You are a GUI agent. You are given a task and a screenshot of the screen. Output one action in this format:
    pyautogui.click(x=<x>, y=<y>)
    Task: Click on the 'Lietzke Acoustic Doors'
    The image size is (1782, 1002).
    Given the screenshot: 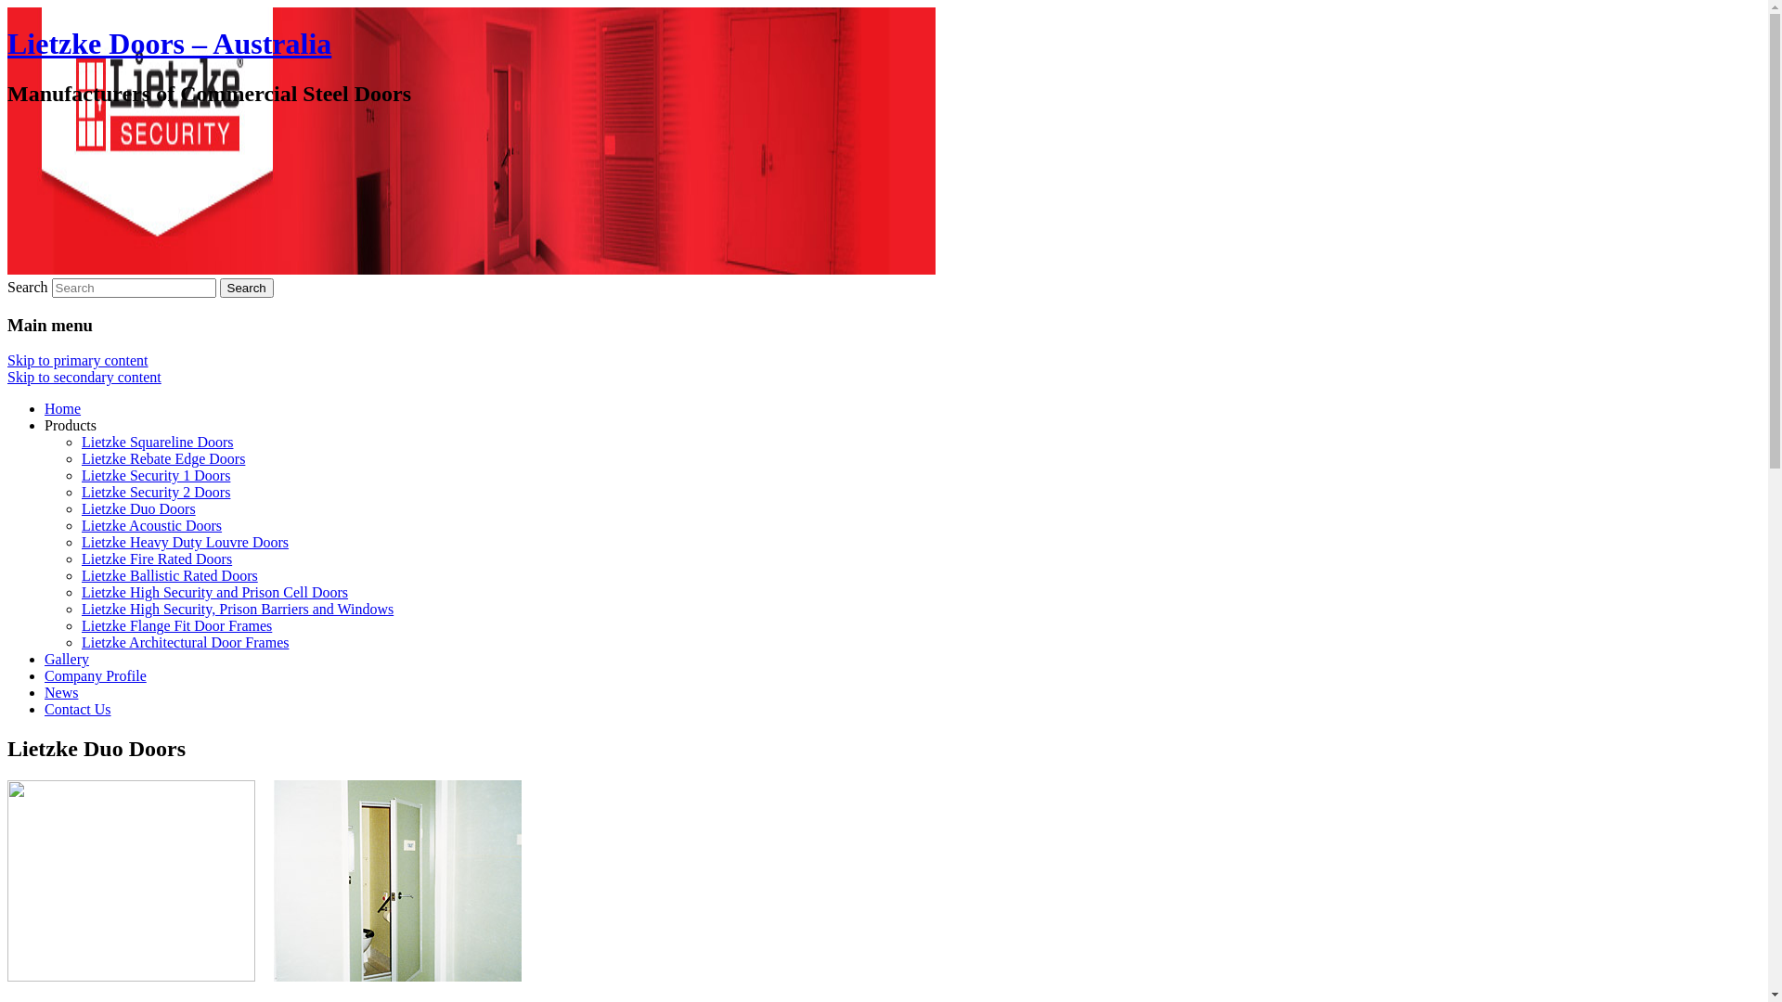 What is the action you would take?
    pyautogui.click(x=80, y=525)
    